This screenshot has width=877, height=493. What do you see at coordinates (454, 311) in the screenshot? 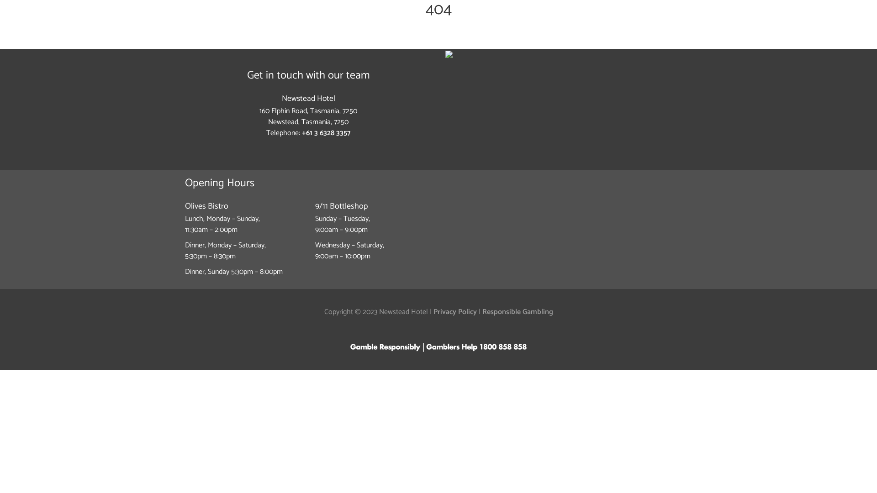
I see `'Privacy Policy'` at bounding box center [454, 311].